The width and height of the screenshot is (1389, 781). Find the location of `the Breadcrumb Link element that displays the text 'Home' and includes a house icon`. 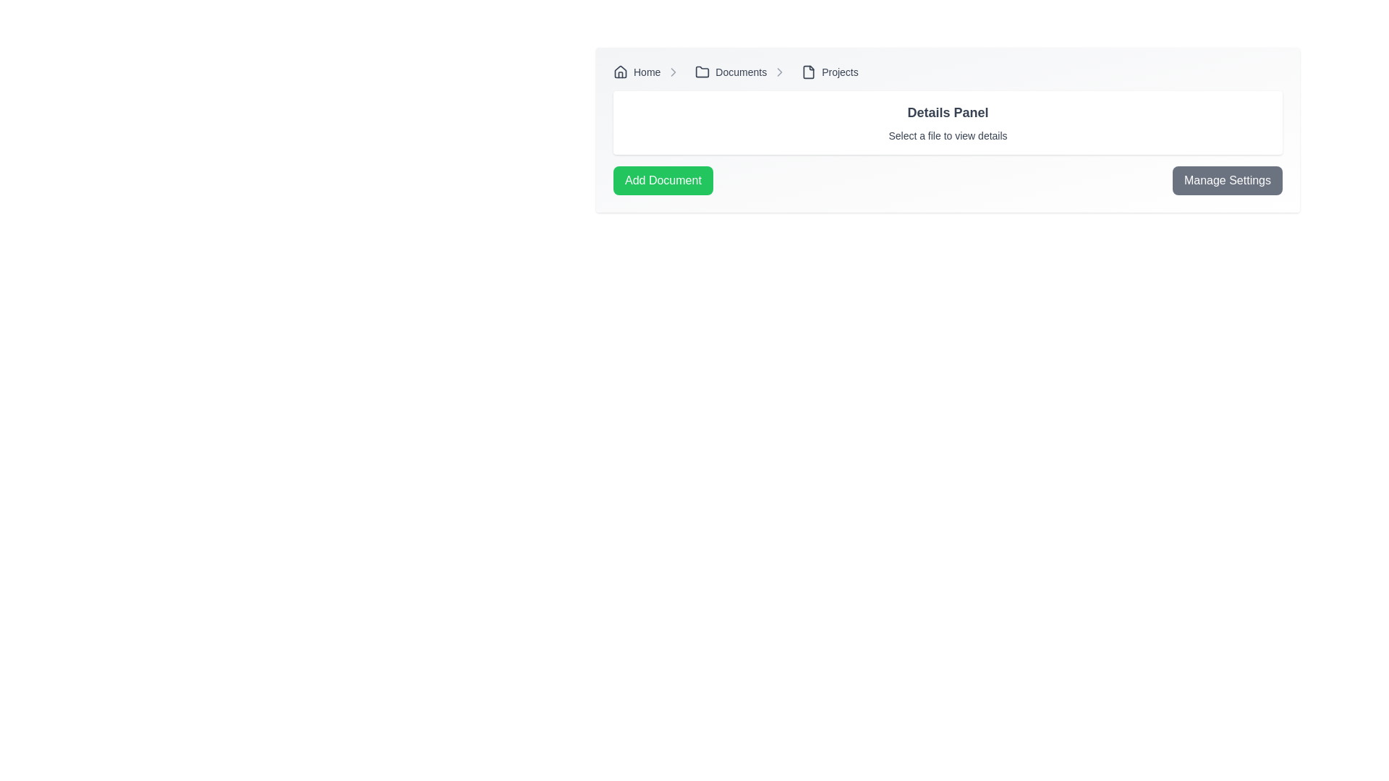

the Breadcrumb Link element that displays the text 'Home' and includes a house icon is located at coordinates (648, 72).